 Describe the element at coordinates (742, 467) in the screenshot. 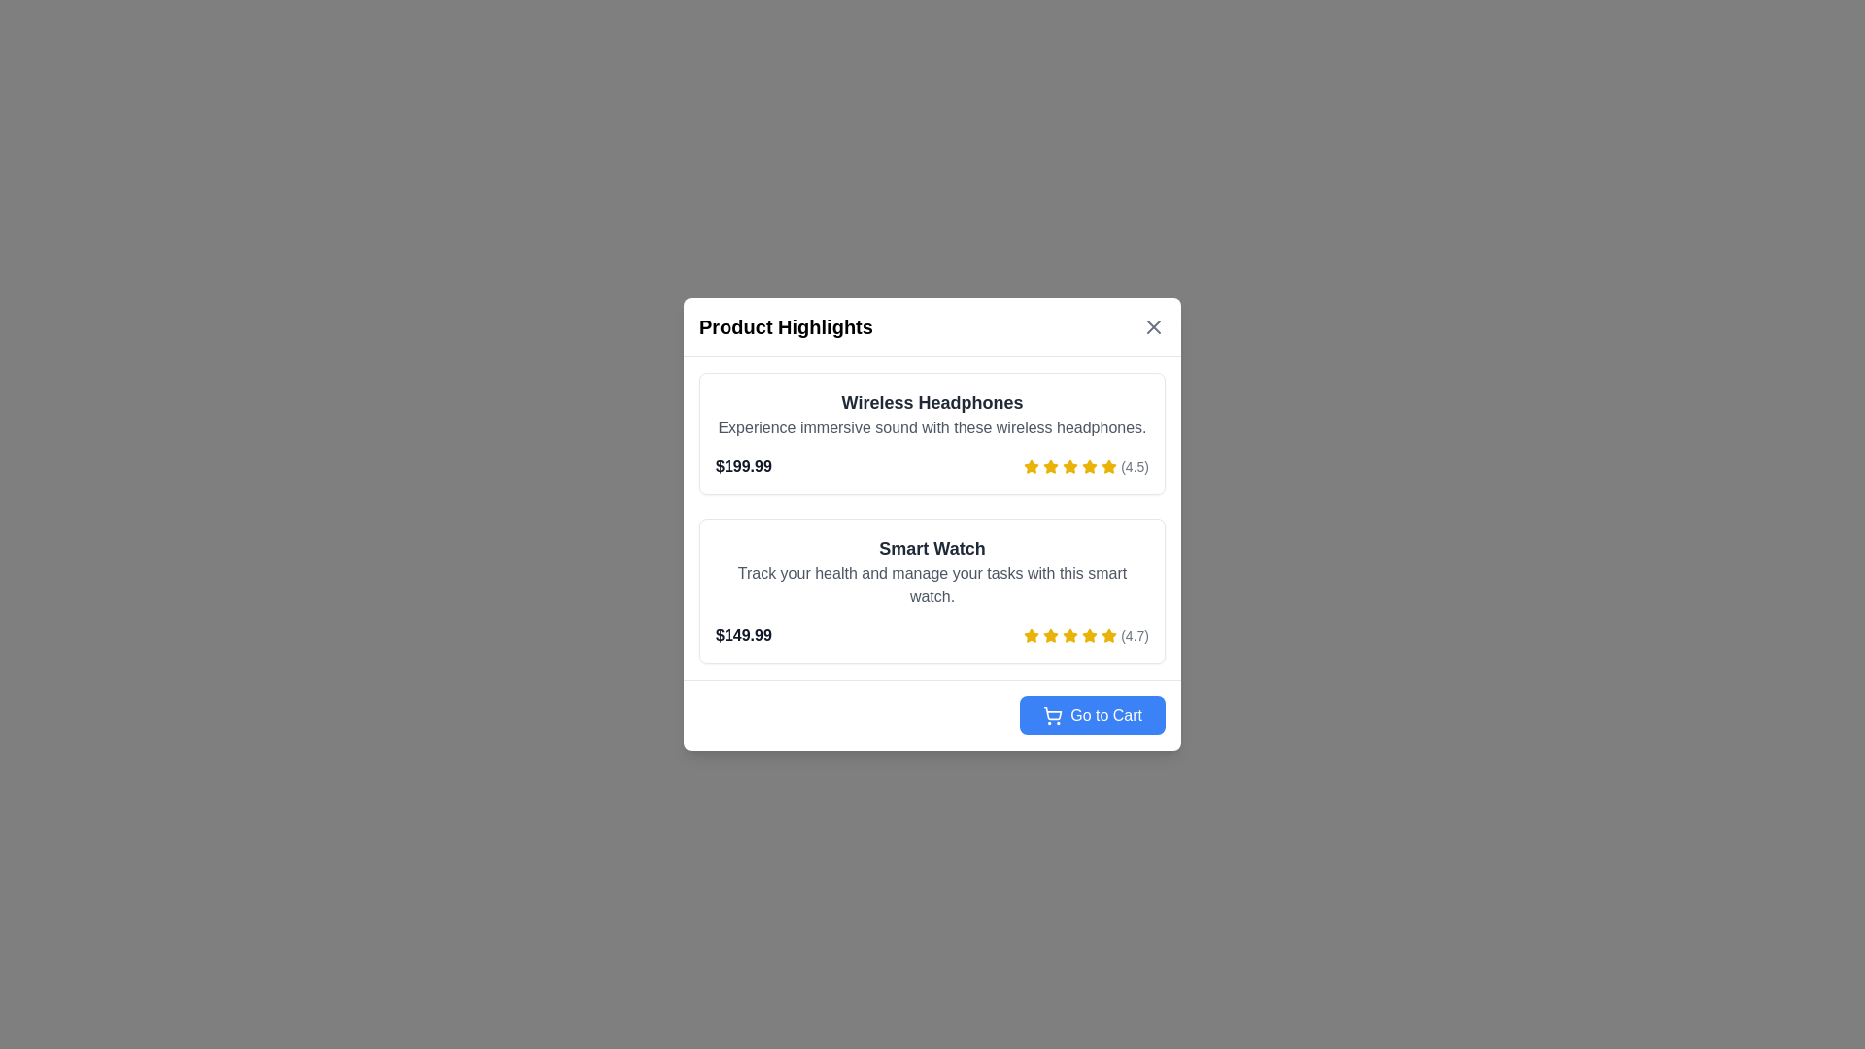

I see `the Text Label displaying the price '$199.99' located in the first product card, near the title 'Wireless Headphones'` at that location.